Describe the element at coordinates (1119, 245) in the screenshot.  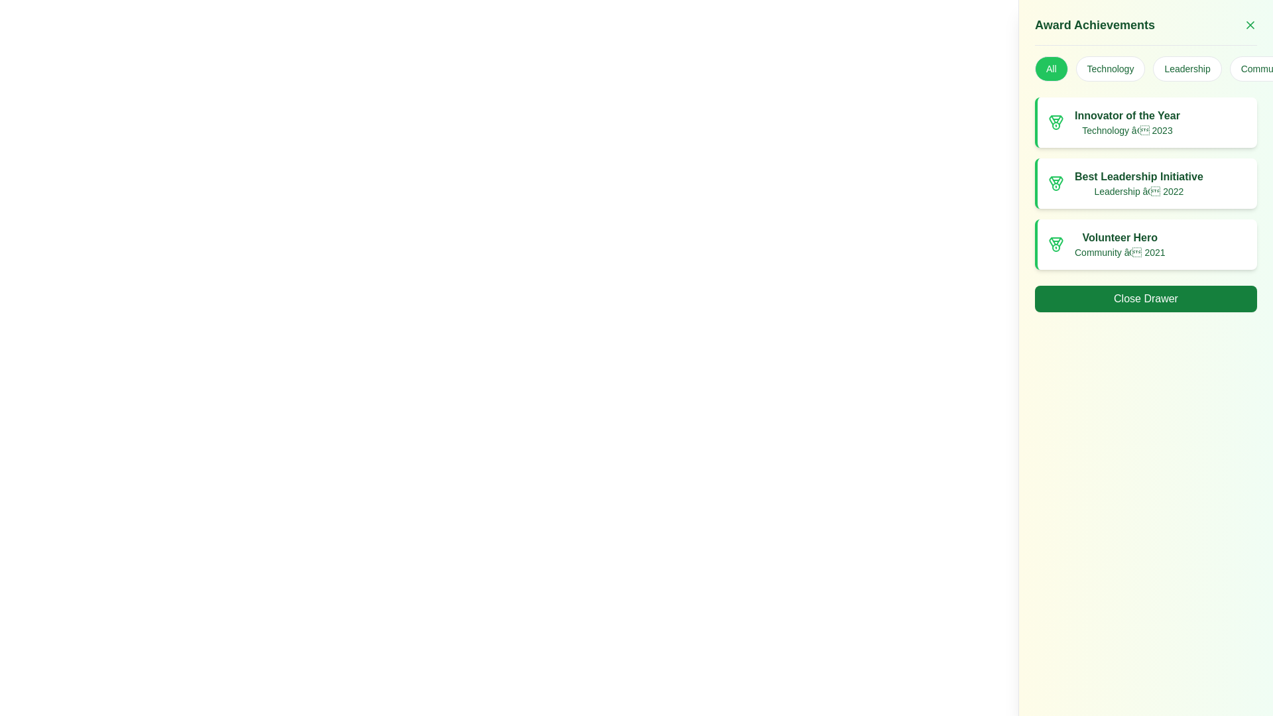
I see `the third item in the vertically stacked list of award achievements, which displays an award title and its category or year, located below 'Best Leadership Initiative'` at that location.